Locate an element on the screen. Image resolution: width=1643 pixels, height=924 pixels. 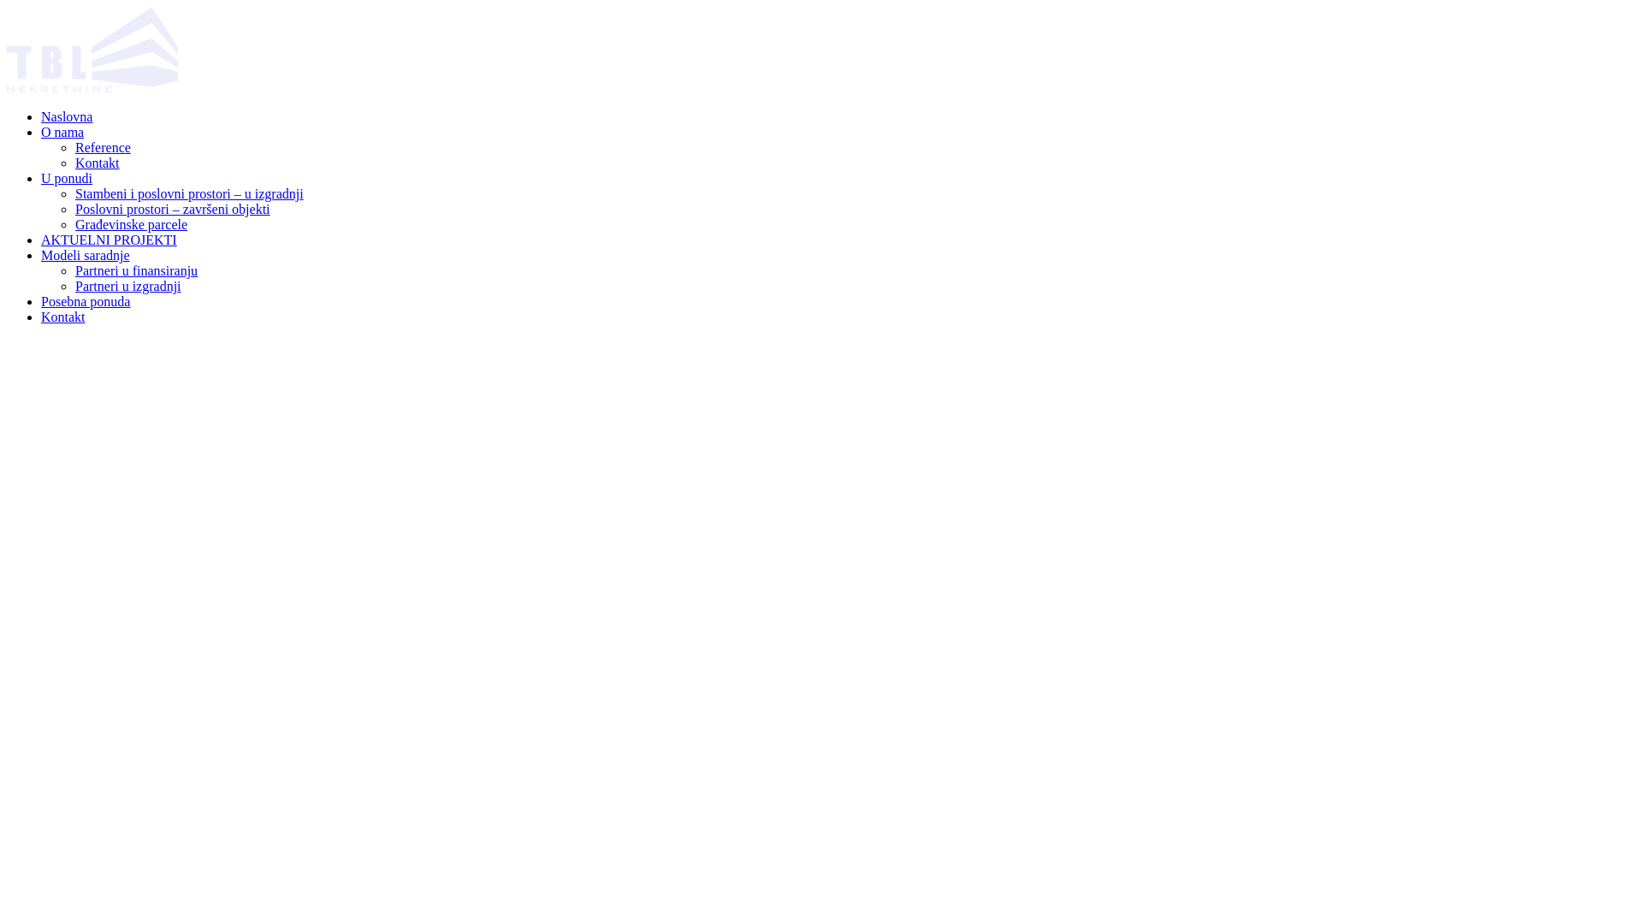
'Kontakt' is located at coordinates (97, 163).